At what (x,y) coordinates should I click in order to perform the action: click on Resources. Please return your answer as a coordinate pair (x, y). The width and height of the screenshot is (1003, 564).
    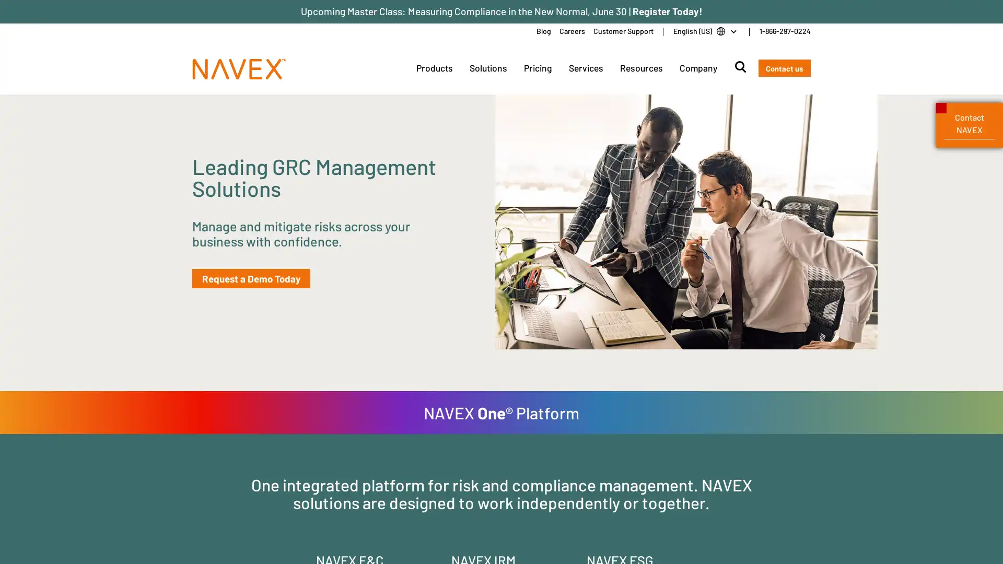
    Looking at the image, I should click on (640, 68).